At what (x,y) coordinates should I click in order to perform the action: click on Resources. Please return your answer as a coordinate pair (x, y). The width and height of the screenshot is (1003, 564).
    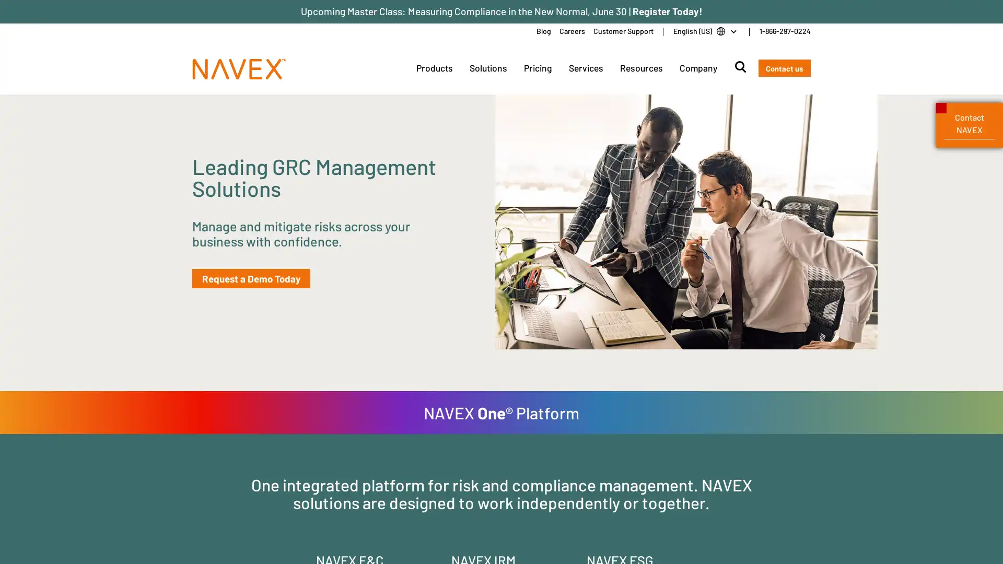
    Looking at the image, I should click on (640, 68).